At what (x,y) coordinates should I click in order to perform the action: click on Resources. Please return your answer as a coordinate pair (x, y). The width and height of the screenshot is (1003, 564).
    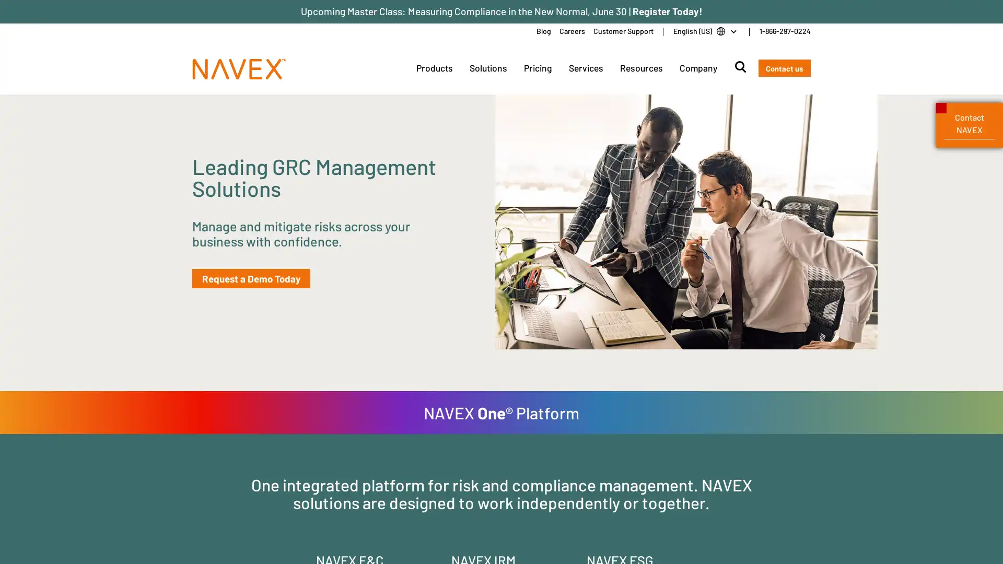
    Looking at the image, I should click on (640, 68).